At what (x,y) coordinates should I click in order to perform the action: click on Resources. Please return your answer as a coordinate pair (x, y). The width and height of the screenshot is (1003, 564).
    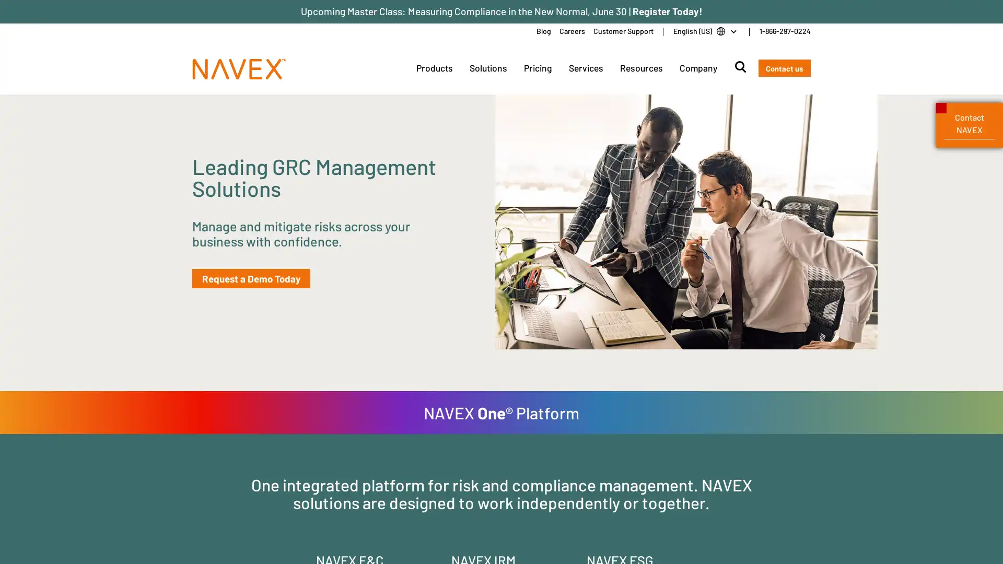
    Looking at the image, I should click on (640, 68).